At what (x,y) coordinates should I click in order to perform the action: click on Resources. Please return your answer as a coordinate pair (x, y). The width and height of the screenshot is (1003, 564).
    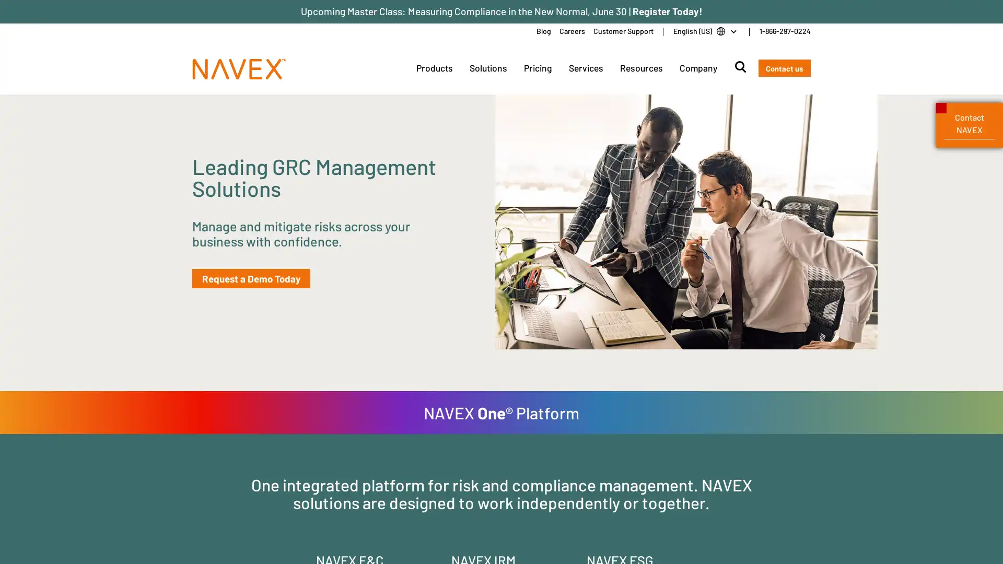
    Looking at the image, I should click on (640, 68).